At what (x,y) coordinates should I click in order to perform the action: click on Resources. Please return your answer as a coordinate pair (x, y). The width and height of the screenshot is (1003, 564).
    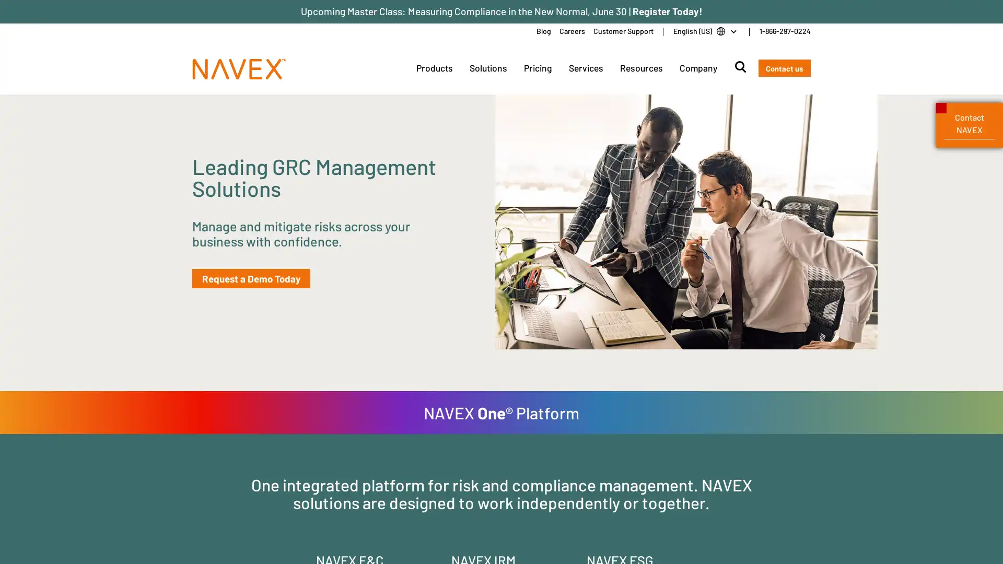
    Looking at the image, I should click on (640, 68).